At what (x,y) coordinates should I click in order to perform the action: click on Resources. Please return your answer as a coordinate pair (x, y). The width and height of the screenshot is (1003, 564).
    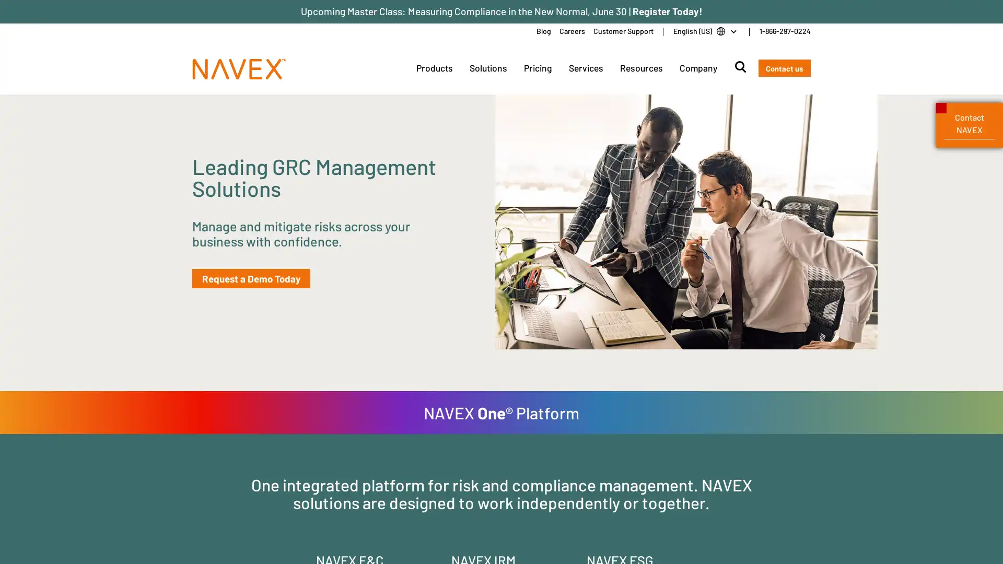
    Looking at the image, I should click on (640, 68).